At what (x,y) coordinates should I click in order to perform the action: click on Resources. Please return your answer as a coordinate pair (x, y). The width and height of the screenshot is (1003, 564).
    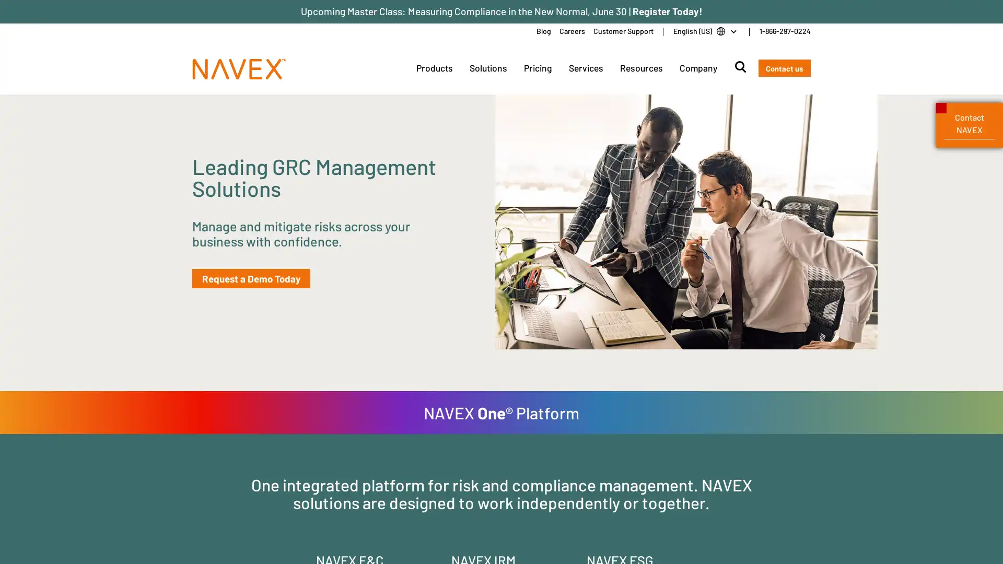
    Looking at the image, I should click on (640, 68).